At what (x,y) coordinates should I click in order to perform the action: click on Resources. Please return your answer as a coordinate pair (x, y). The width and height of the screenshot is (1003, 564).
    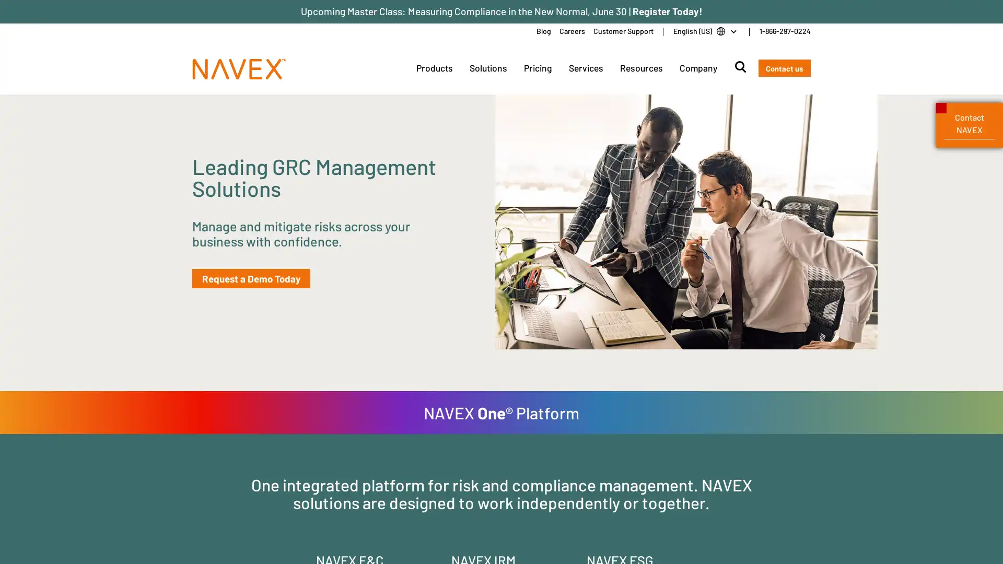
    Looking at the image, I should click on (640, 68).